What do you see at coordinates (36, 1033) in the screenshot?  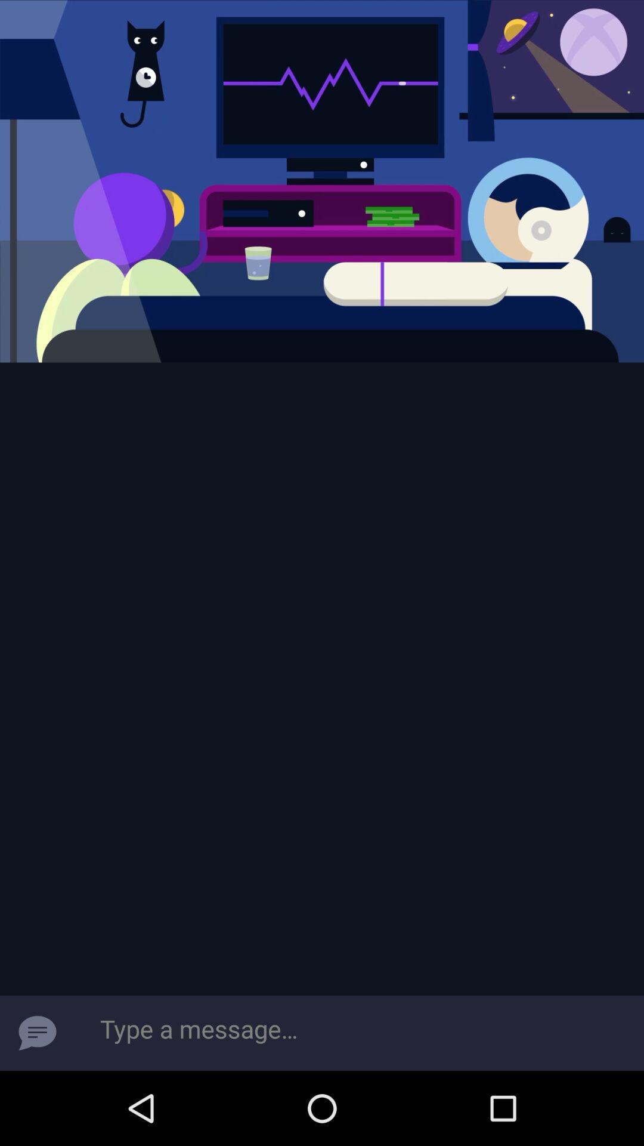 I see `type a message` at bounding box center [36, 1033].